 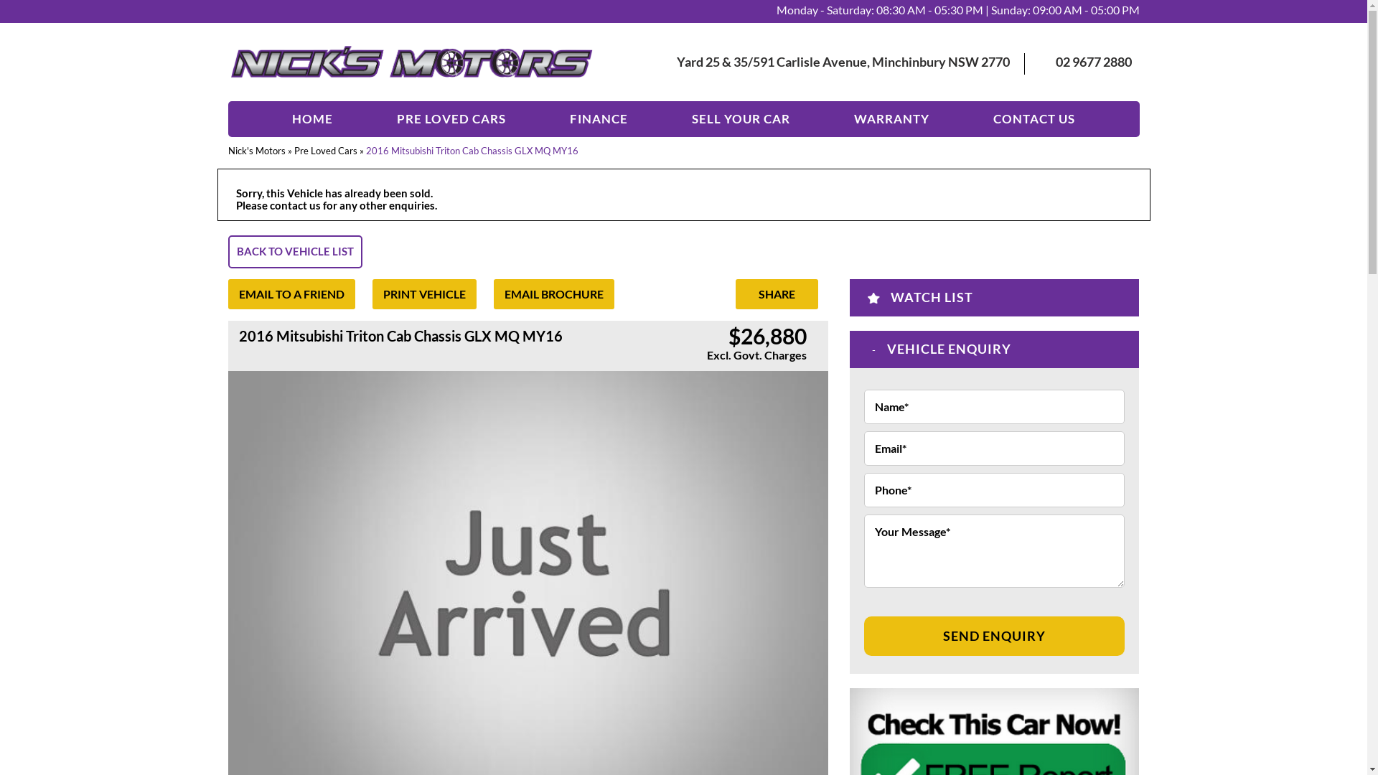 What do you see at coordinates (450, 118) in the screenshot?
I see `'PRE LOVED CARS'` at bounding box center [450, 118].